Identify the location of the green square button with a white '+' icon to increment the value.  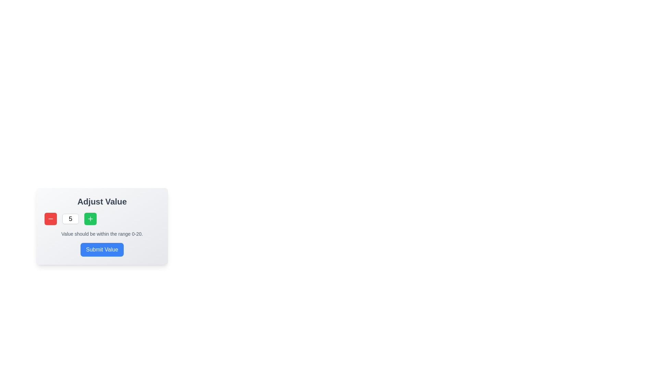
(90, 219).